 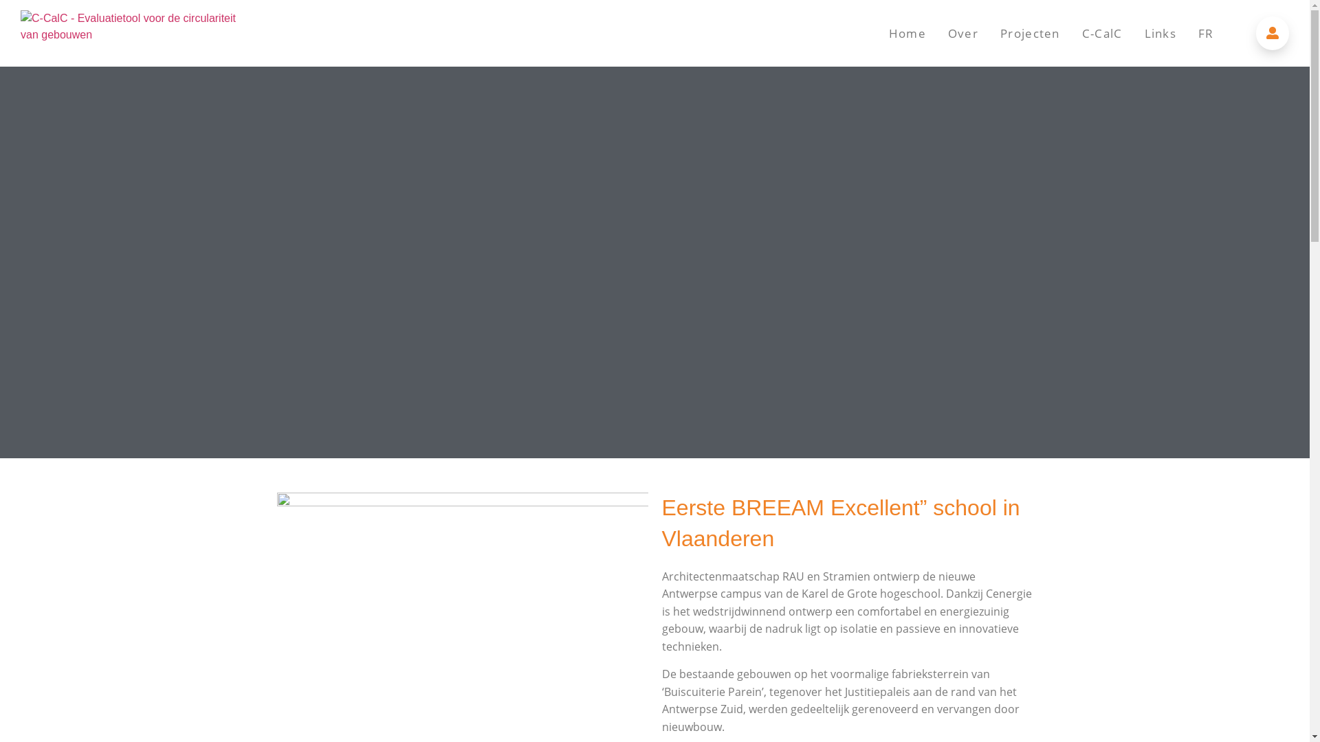 I want to click on 'Over', so click(x=962, y=33).